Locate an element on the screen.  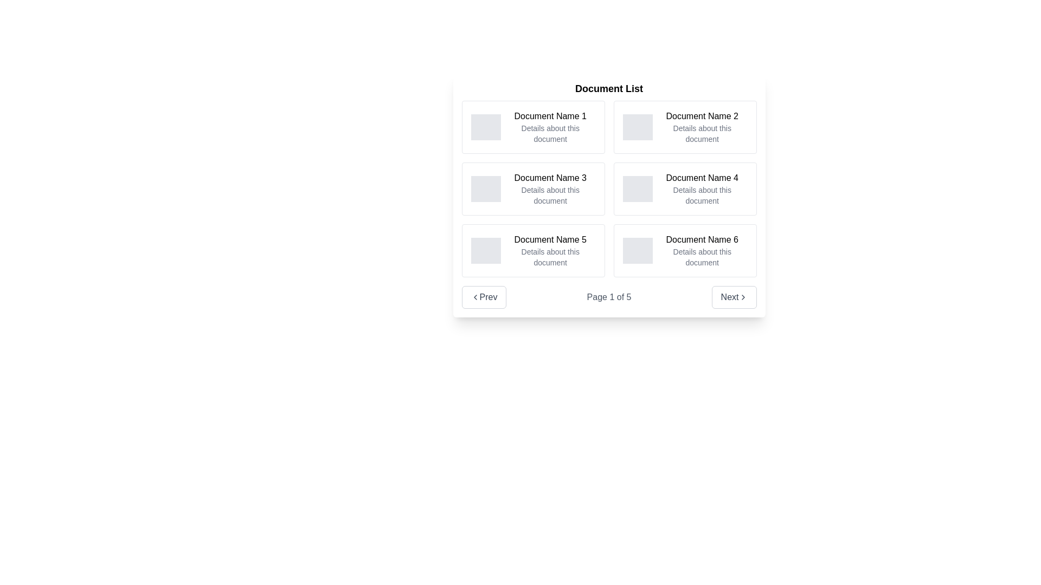
the compound text display element in the second row and first column is located at coordinates (550, 188).